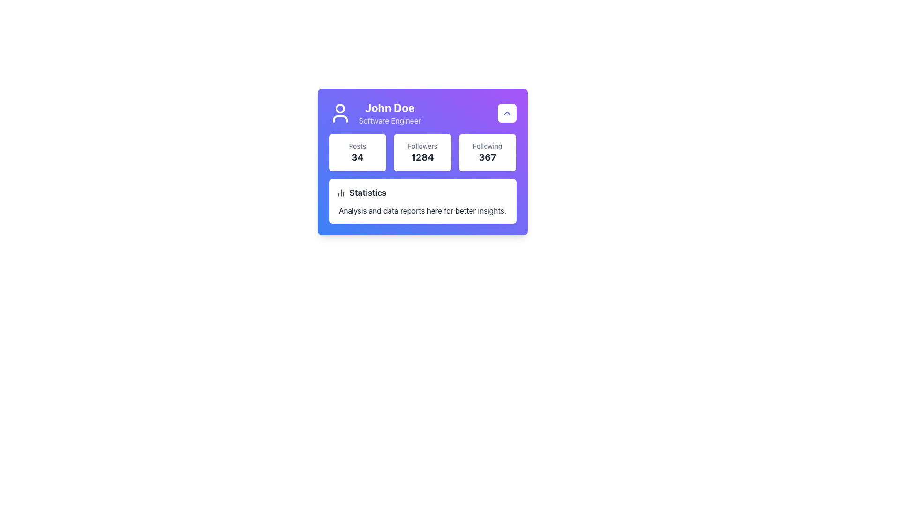 The width and height of the screenshot is (900, 506). Describe the element at coordinates (339, 113) in the screenshot. I see `the user profile SVG icon located at the top left of the profile card, adjacent to the name 'John Doe' and the title 'Software Engineer'` at that location.